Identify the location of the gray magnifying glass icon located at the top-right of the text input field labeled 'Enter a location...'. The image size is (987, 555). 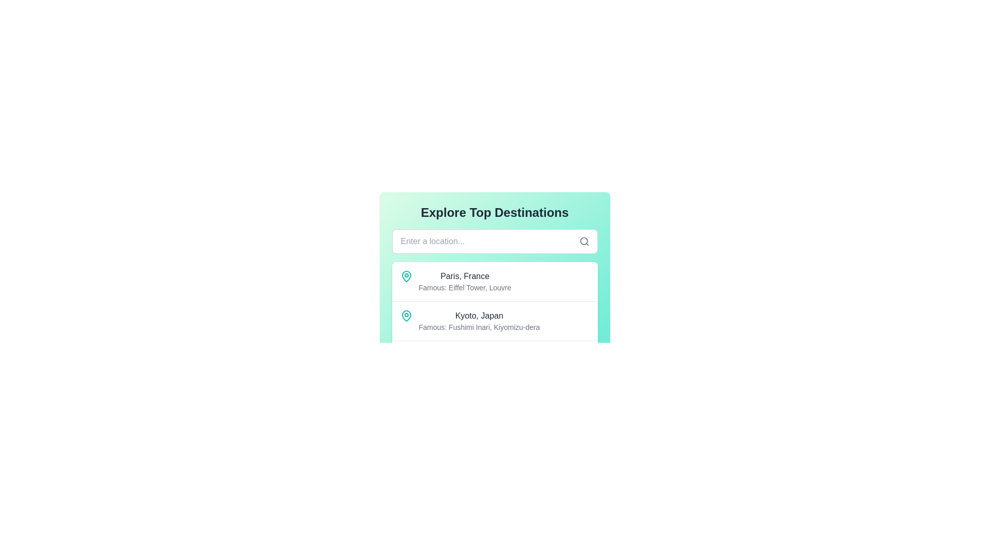
(584, 242).